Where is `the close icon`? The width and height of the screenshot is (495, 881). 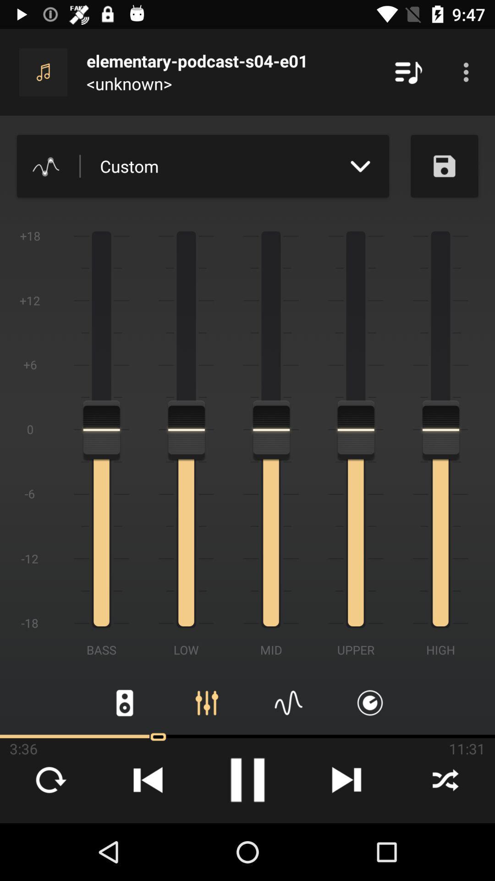 the close icon is located at coordinates (445, 779).